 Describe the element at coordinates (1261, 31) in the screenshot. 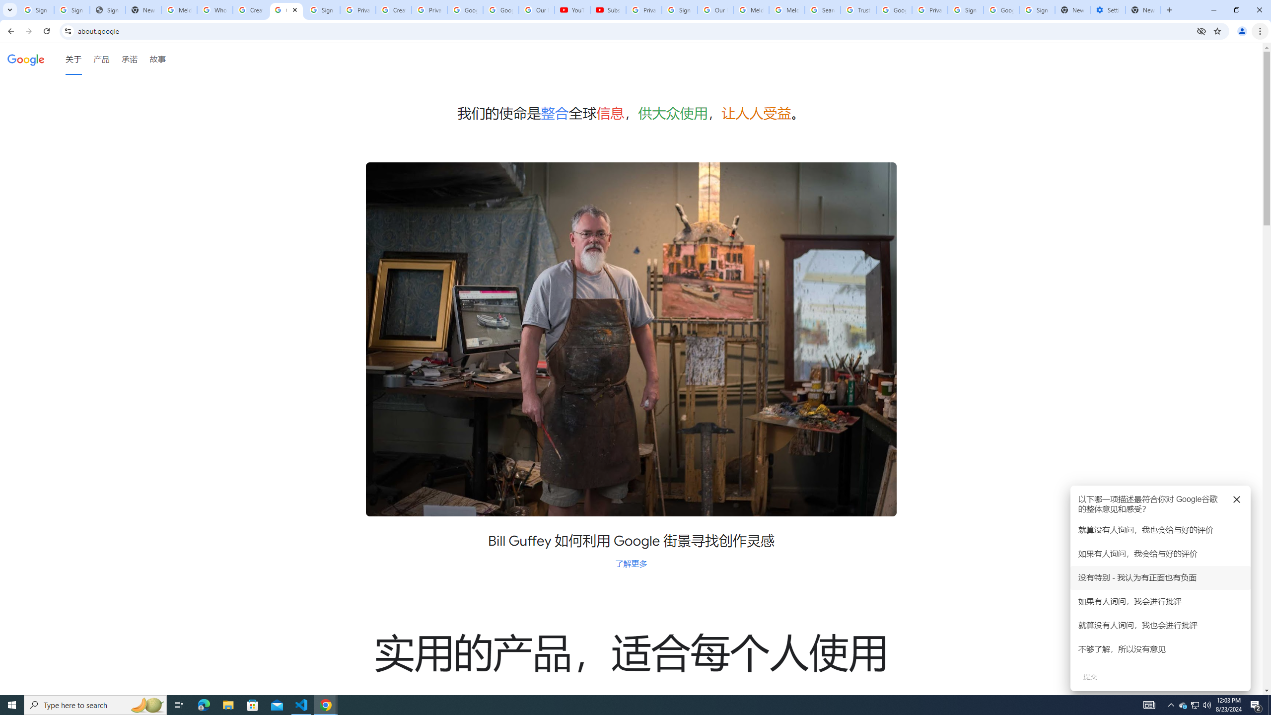

I see `'Chrome'` at that location.